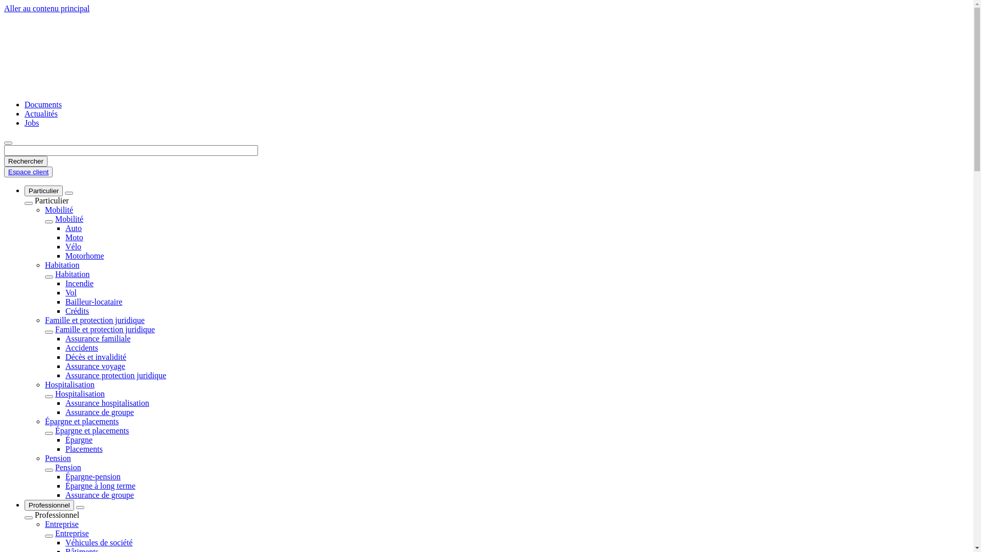 Image resolution: width=981 pixels, height=552 pixels. Describe the element at coordinates (71, 292) in the screenshot. I see `'Vol'` at that location.